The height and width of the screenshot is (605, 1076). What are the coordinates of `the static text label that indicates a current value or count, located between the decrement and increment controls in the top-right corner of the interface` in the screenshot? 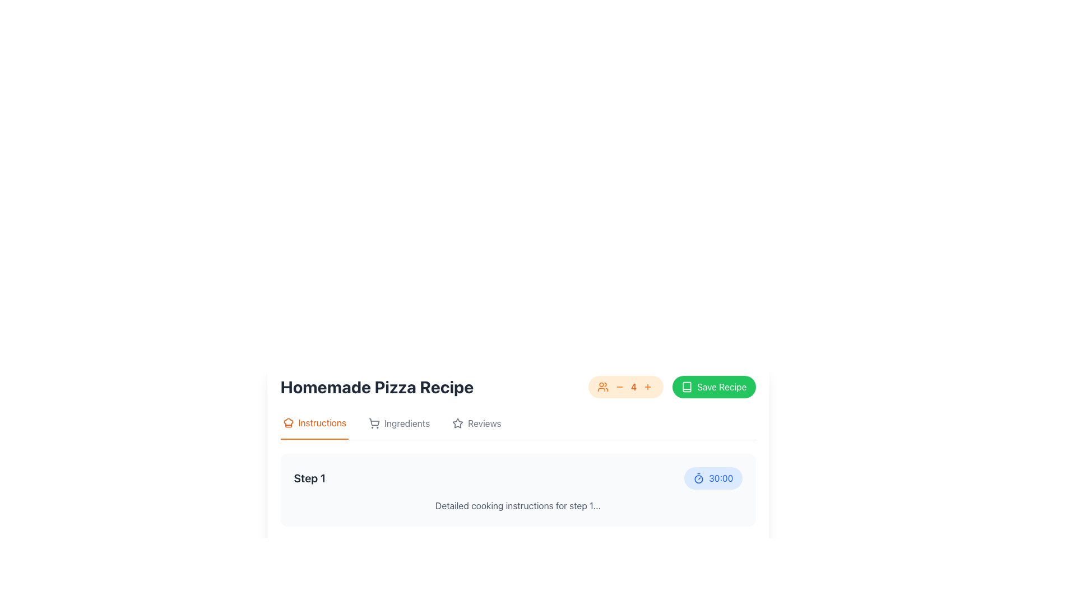 It's located at (633, 386).